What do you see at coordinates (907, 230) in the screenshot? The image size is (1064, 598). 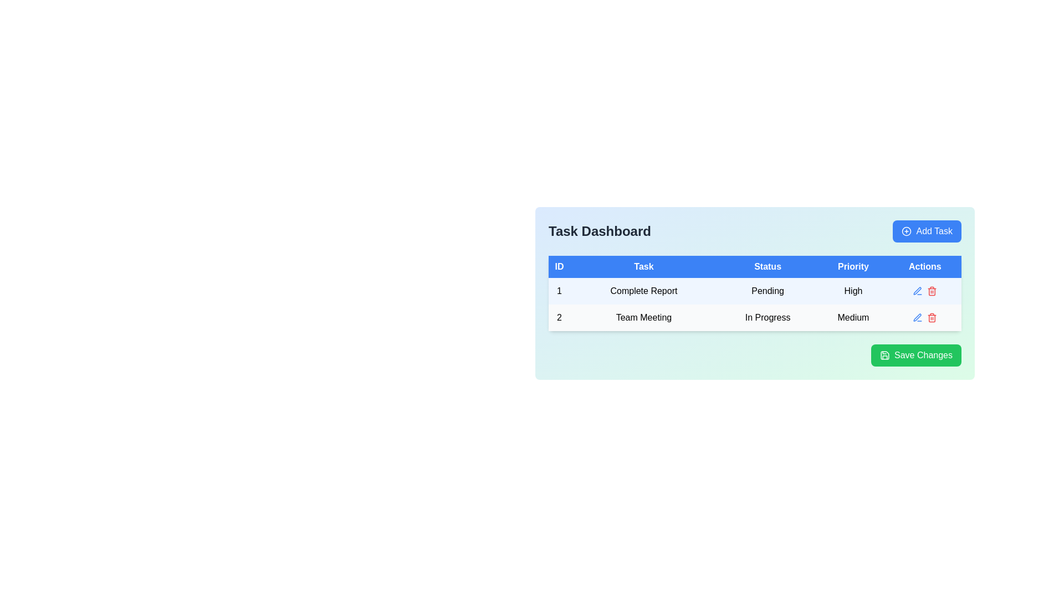 I see `the circular '+' icon with a blue border located to the left of the 'Add Task' button in the task table section` at bounding box center [907, 230].